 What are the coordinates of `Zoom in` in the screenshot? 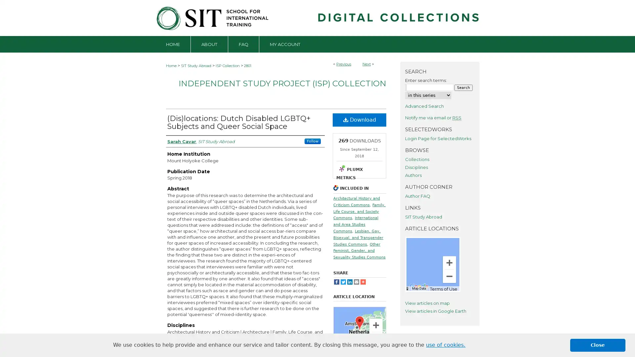 It's located at (376, 325).